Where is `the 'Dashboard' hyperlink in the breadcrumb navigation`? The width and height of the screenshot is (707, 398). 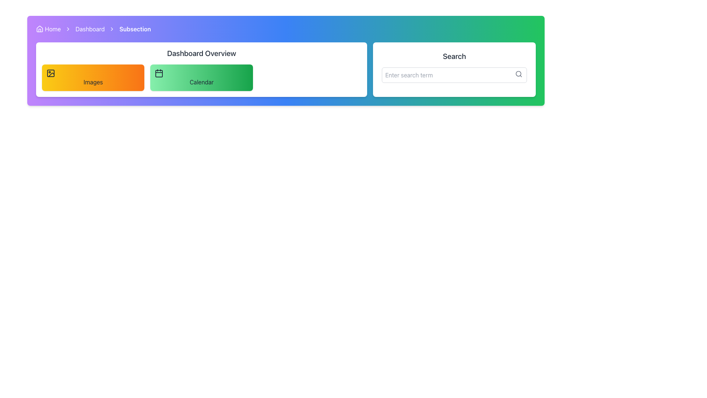 the 'Dashboard' hyperlink in the breadcrumb navigation is located at coordinates (89, 28).